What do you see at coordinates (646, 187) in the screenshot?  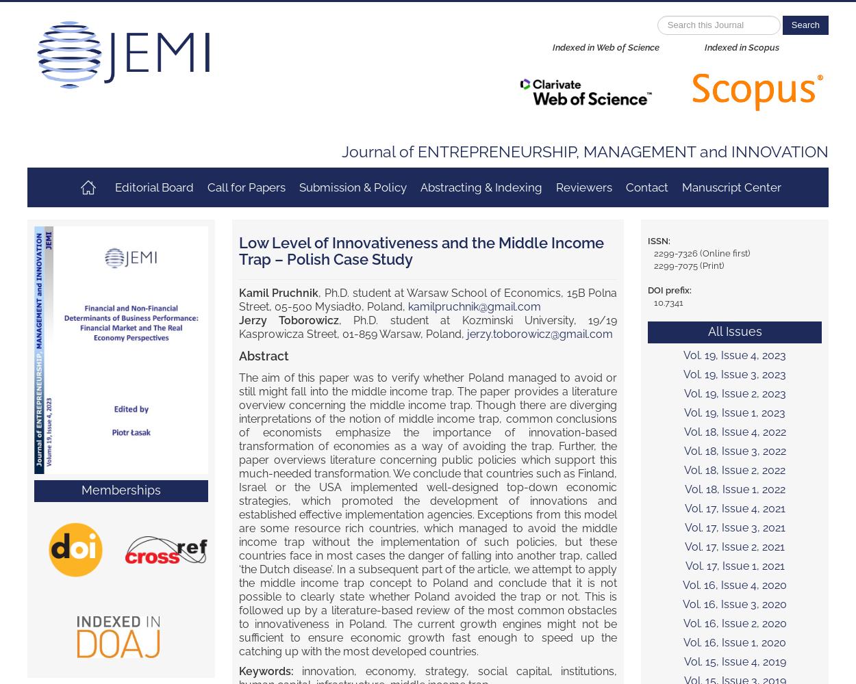 I see `'Contact'` at bounding box center [646, 187].